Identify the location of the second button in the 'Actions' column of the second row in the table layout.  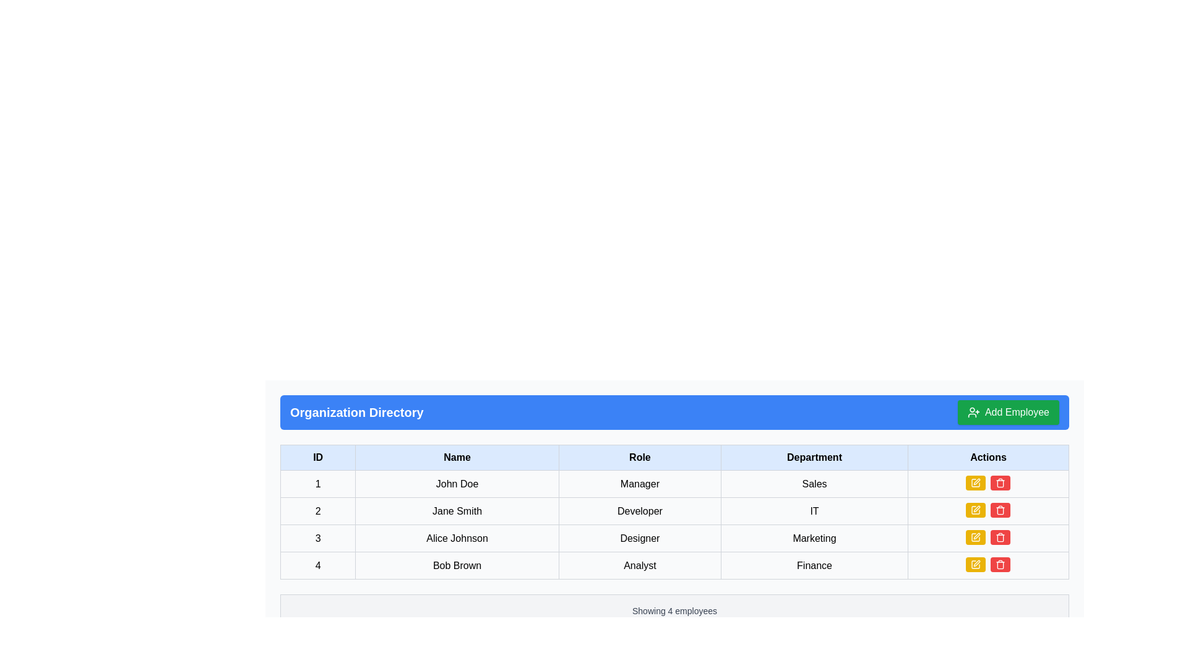
(1001, 510).